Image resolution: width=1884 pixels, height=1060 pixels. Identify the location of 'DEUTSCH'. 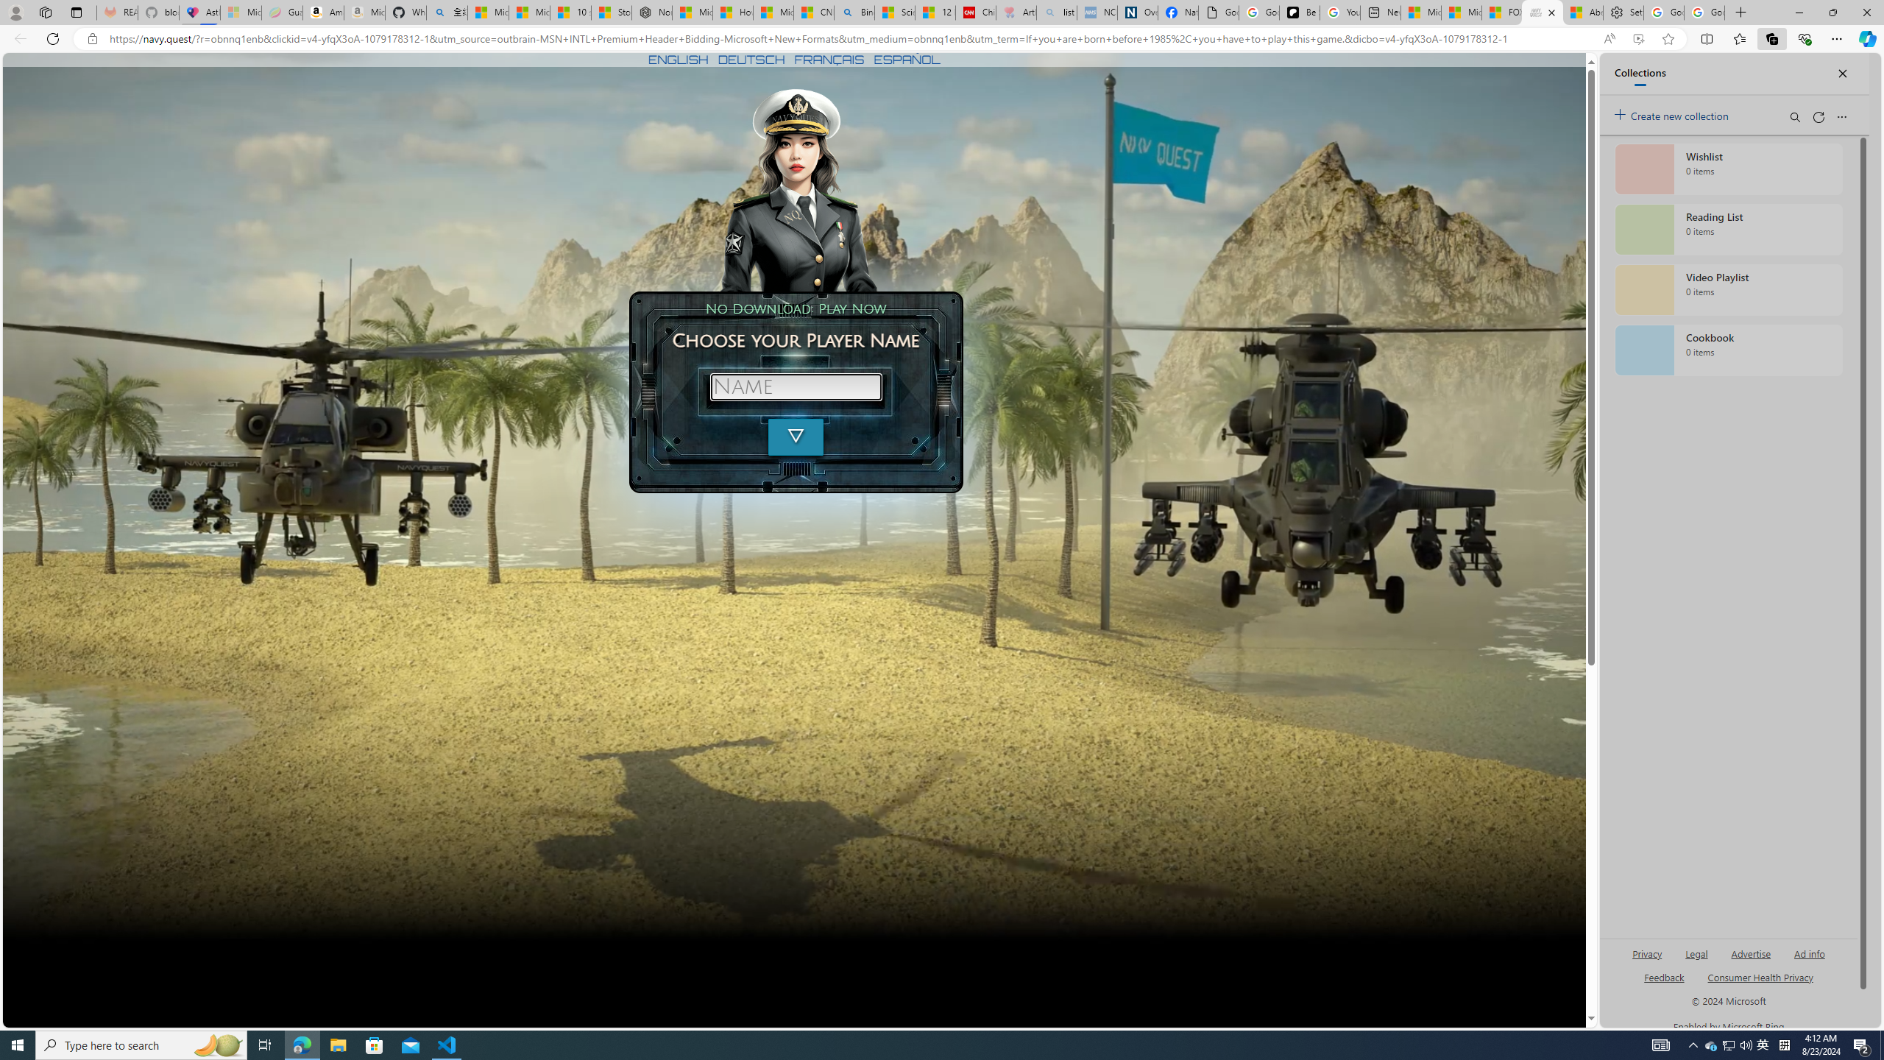
(751, 59).